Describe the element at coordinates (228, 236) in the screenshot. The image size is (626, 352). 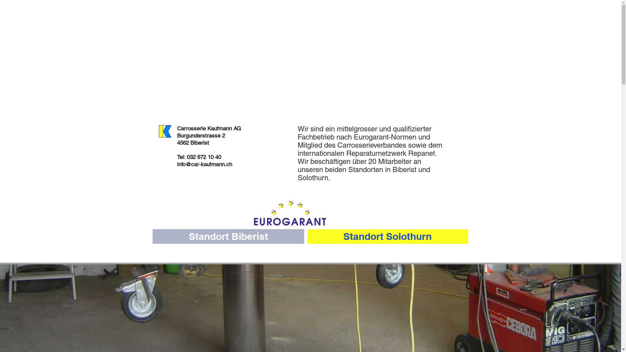
I see `'Standort Biberist'` at that location.